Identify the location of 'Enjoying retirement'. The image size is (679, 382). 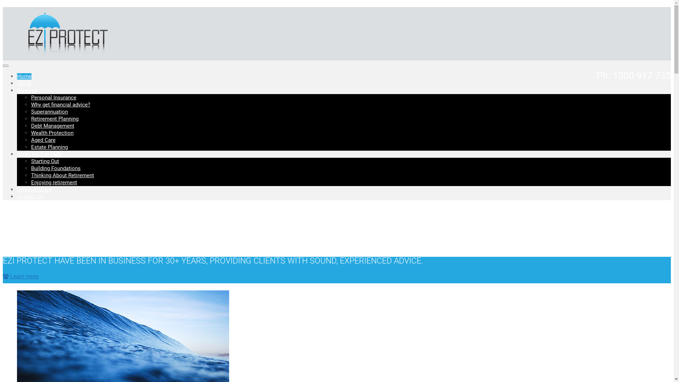
(54, 182).